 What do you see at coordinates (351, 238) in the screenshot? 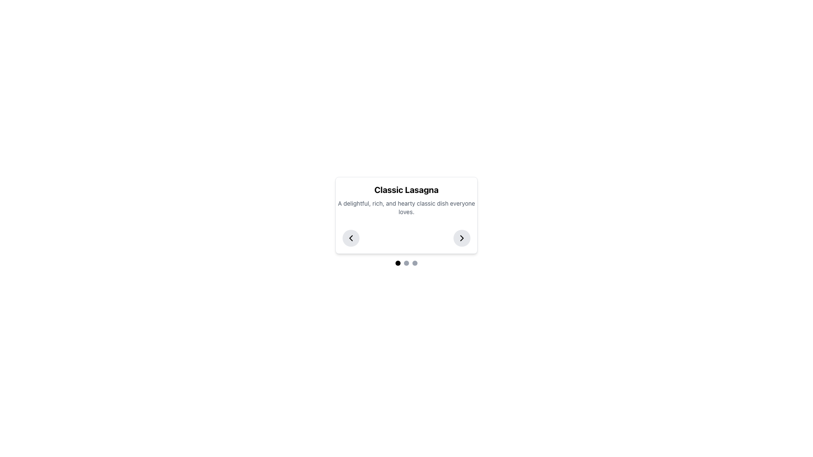
I see `the left navigation button in the carousel` at bounding box center [351, 238].